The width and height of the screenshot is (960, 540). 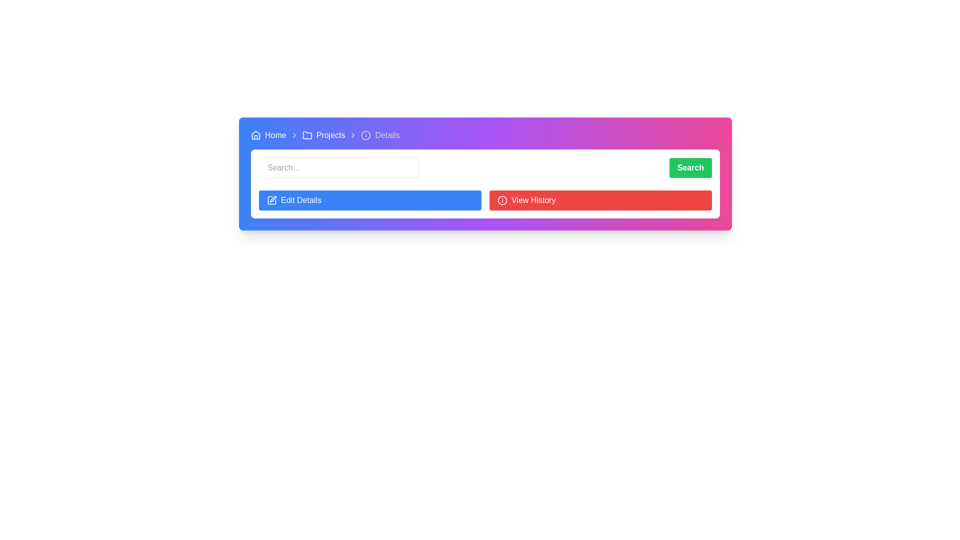 What do you see at coordinates (271, 200) in the screenshot?
I see `the blue square-shaped icon with a pen symbol inside, located to the left of the text 'Edit Details'` at bounding box center [271, 200].